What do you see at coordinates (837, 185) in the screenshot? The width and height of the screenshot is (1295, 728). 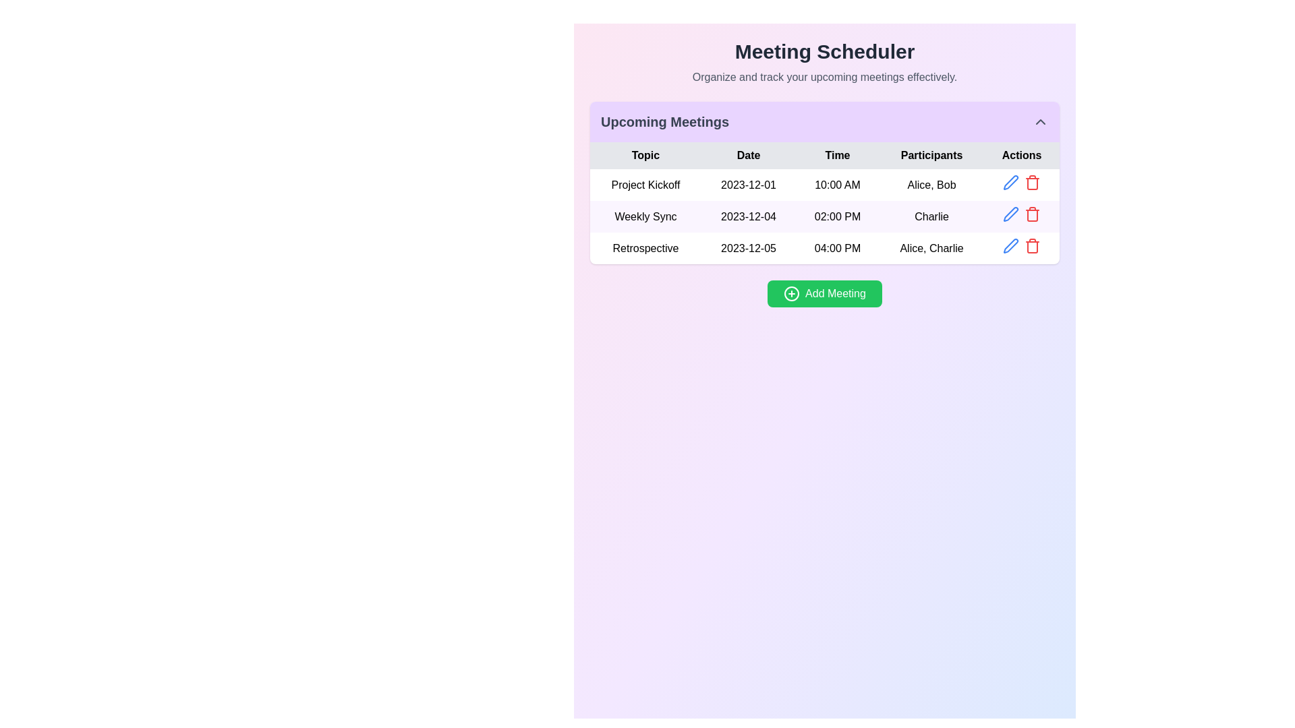 I see `time displayed on the Text label located in the third column of the first row of the table under 'Upcoming Meetings', positioned between '2023-12-01' and 'Alice, Bob'` at bounding box center [837, 185].